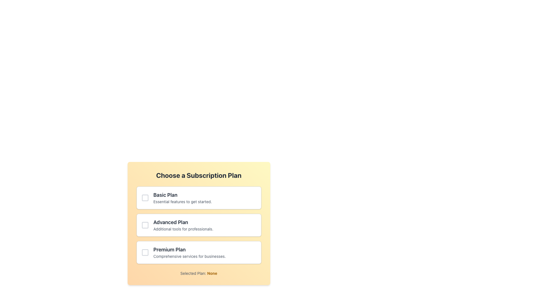 This screenshot has height=301, width=535. Describe the element at coordinates (199, 253) in the screenshot. I see `the 'Premium Plan' selectable option with checkbox` at that location.